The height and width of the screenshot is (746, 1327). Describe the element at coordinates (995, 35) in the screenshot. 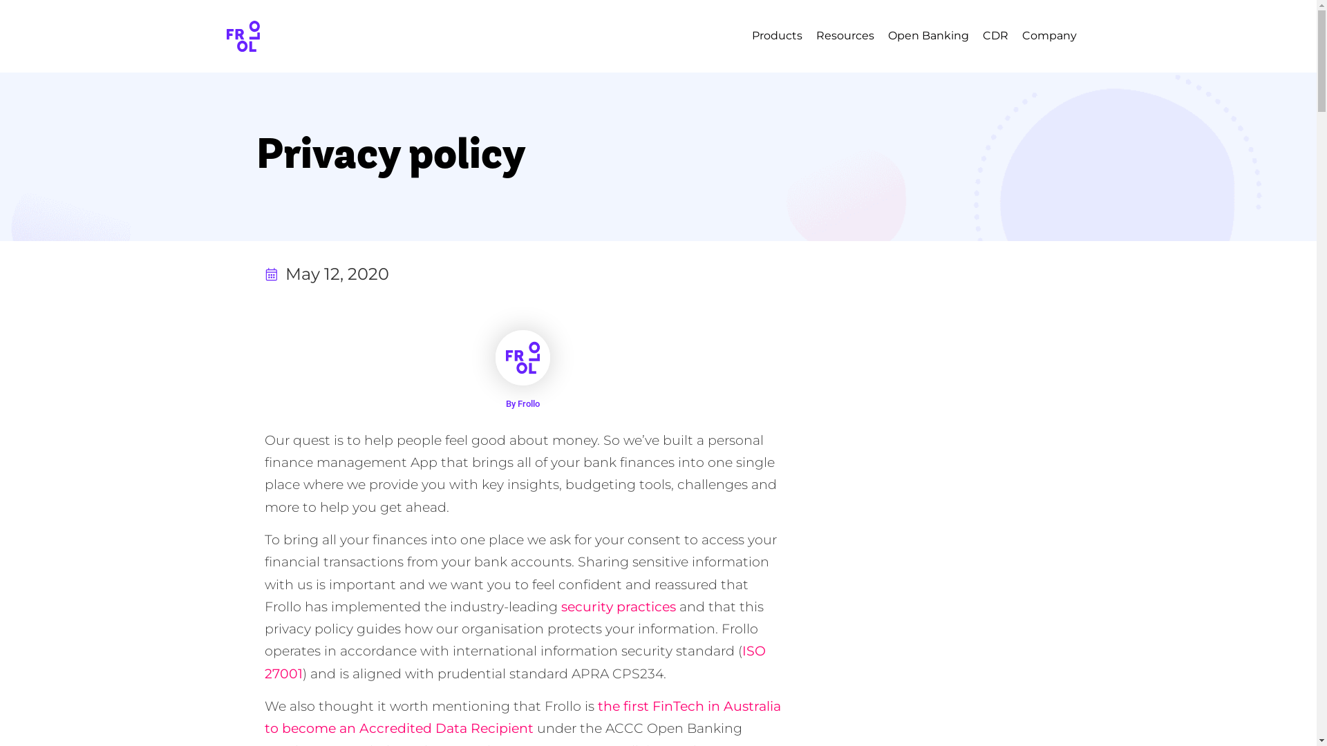

I see `'CDR'` at that location.